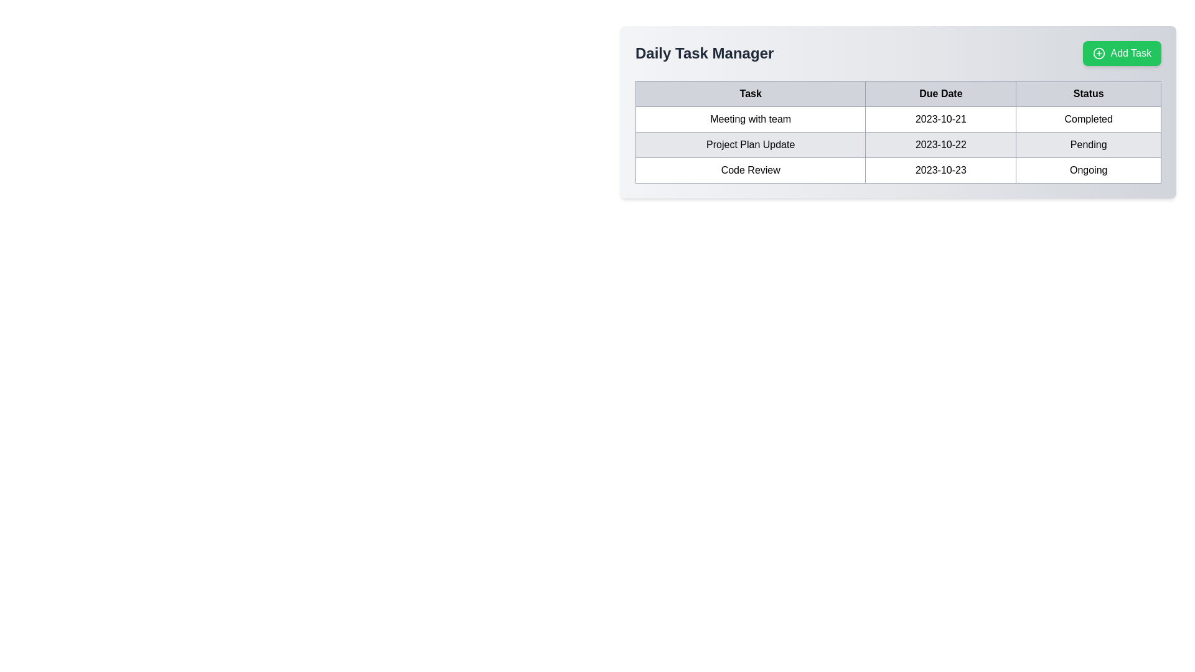  Describe the element at coordinates (898, 119) in the screenshot. I see `the first row of the task management table` at that location.